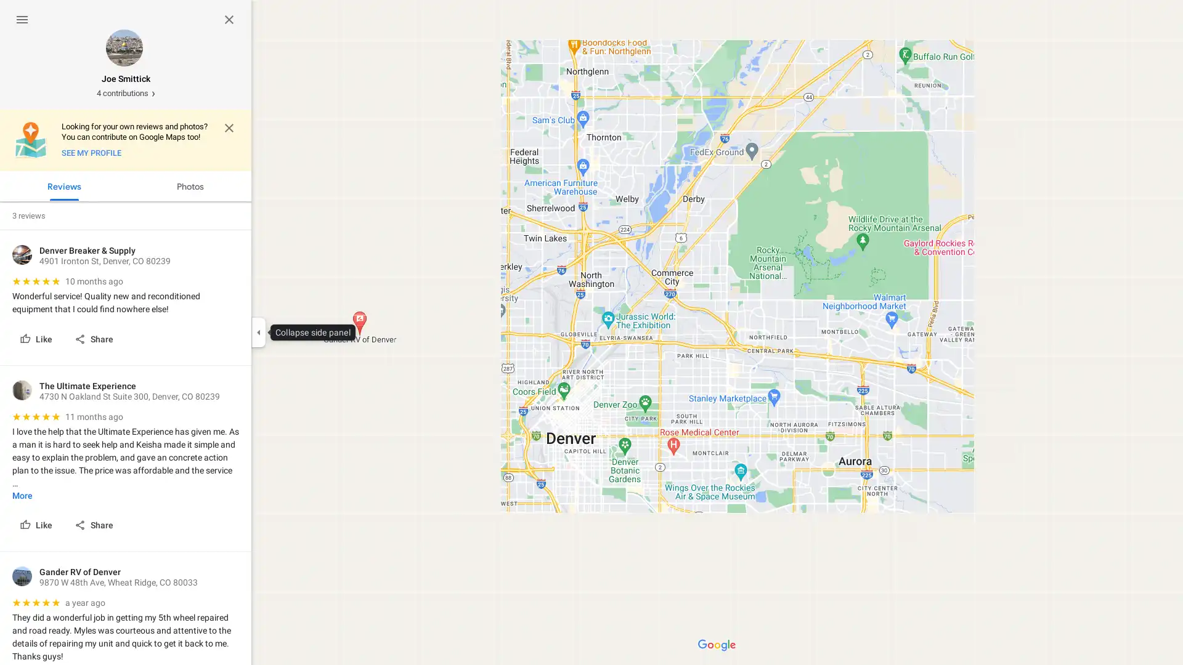  What do you see at coordinates (37, 525) in the screenshot?
I see `Mark The Ultimate Experience's review as helpful.` at bounding box center [37, 525].